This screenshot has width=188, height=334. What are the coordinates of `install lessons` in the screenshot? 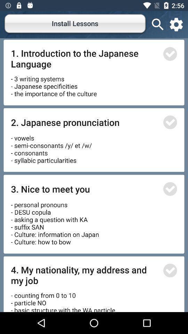 It's located at (75, 24).